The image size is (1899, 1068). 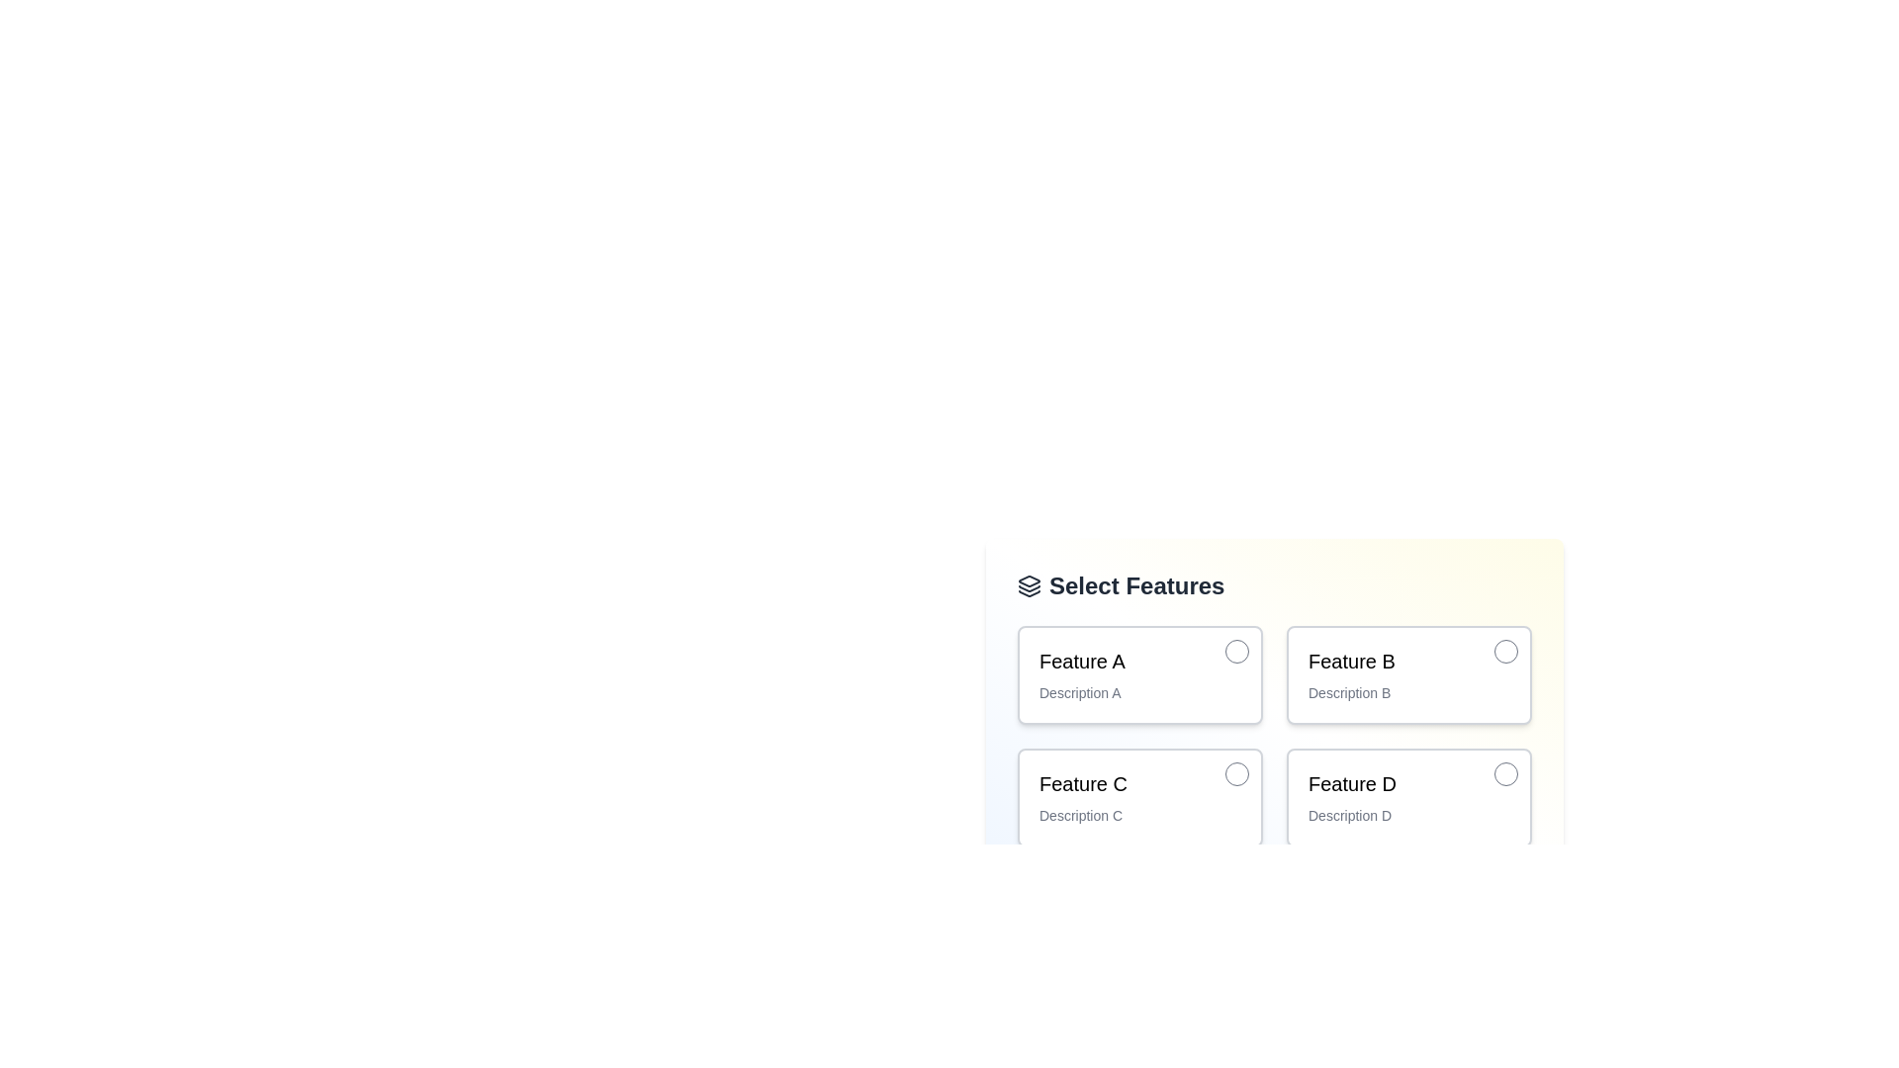 I want to click on the selectable tile with a radio button, so click(x=1139, y=673).